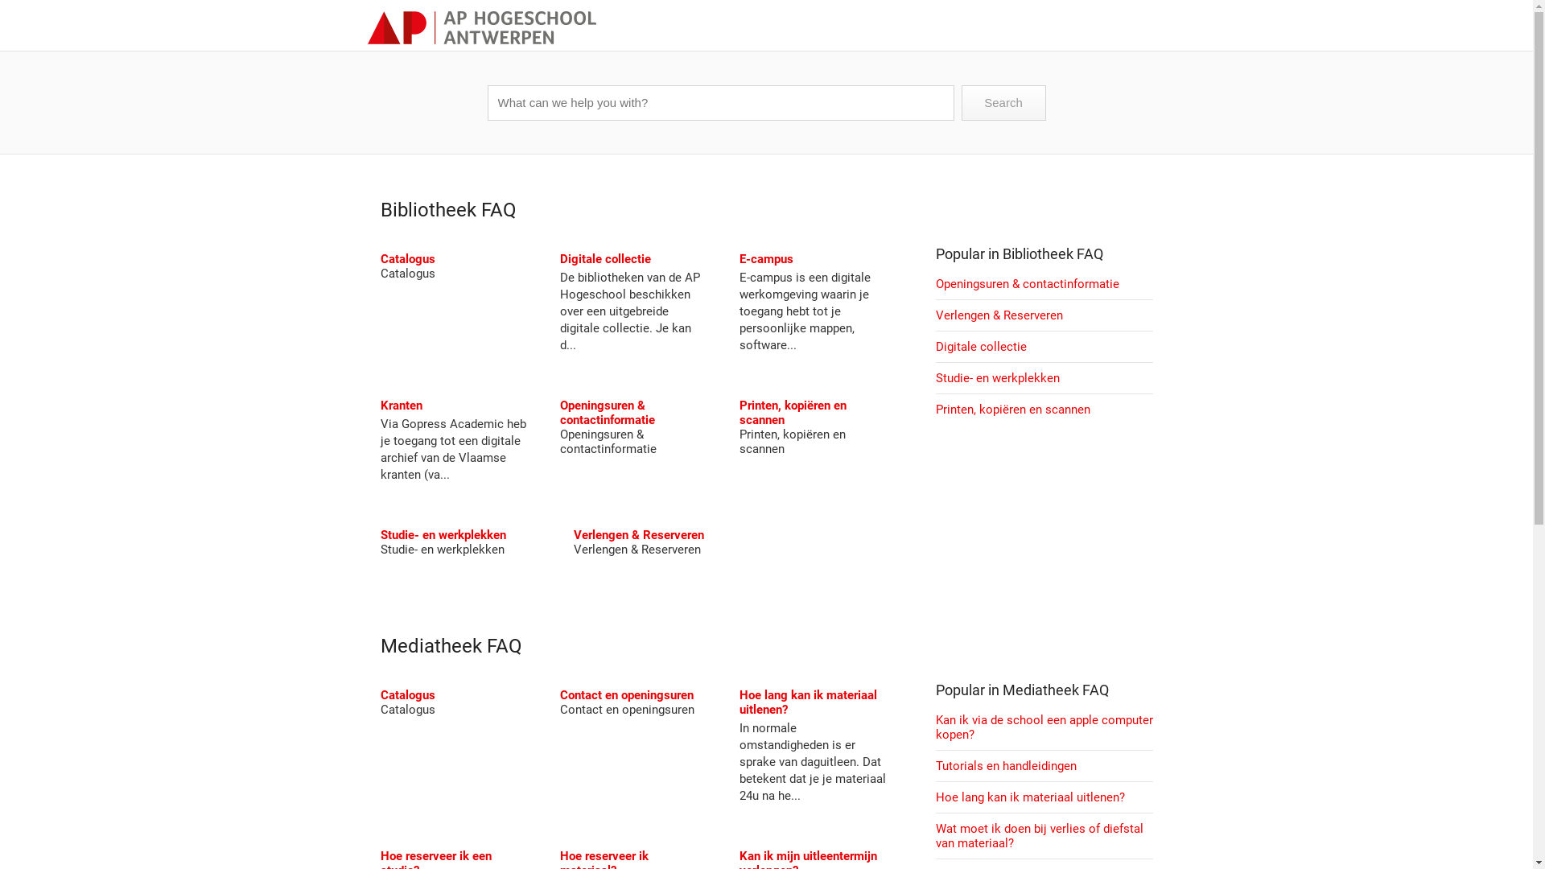  What do you see at coordinates (998, 315) in the screenshot?
I see `'Verlengen & Reserveren'` at bounding box center [998, 315].